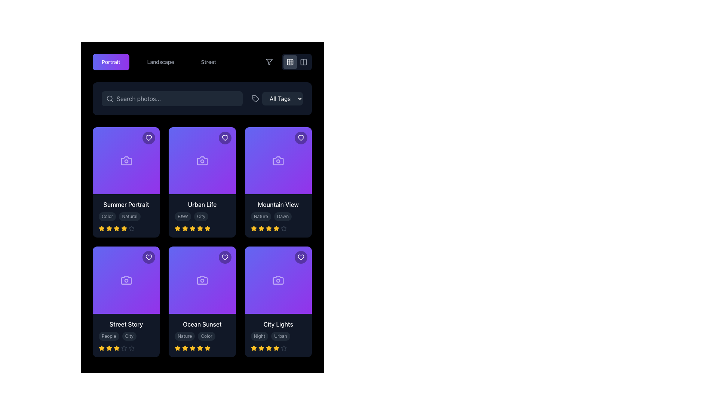 The height and width of the screenshot is (404, 718). I want to click on the search icon located at the left end of the input field in the search bar, which symbolizes the search action, so click(109, 98).